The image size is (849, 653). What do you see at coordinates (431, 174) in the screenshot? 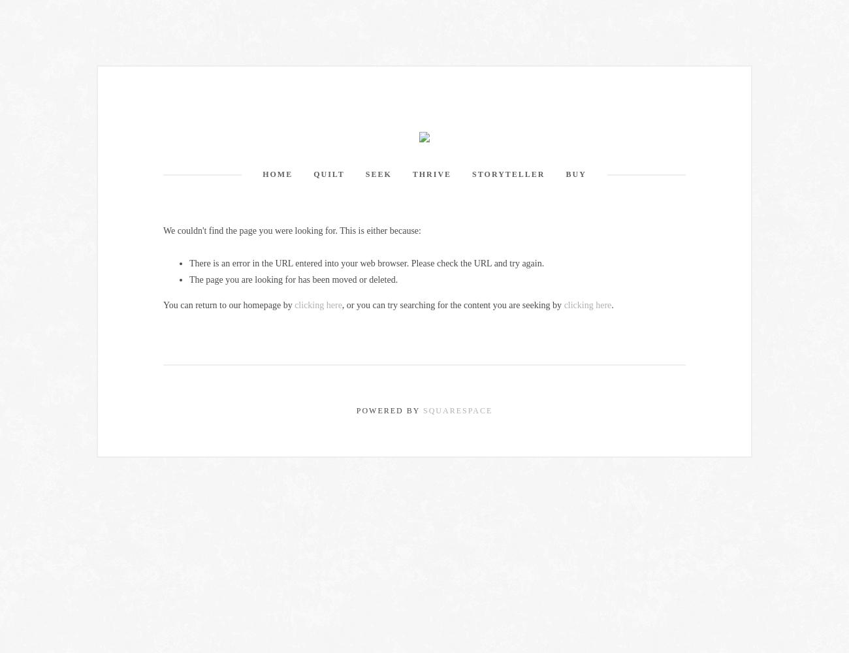
I see `'Thrive'` at bounding box center [431, 174].